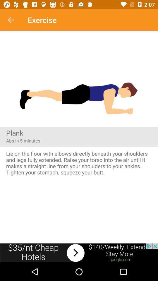 The height and width of the screenshot is (281, 158). What do you see at coordinates (79, 253) in the screenshot?
I see `open advertisement` at bounding box center [79, 253].